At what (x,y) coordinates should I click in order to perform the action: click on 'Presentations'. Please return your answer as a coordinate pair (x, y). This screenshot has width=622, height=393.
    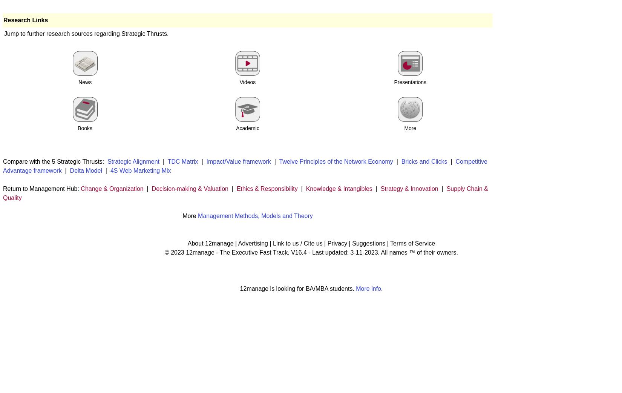
    Looking at the image, I should click on (394, 81).